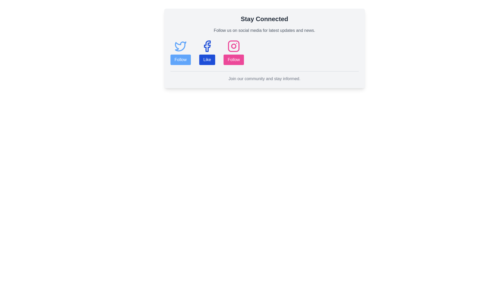  Describe the element at coordinates (207, 52) in the screenshot. I see `the blue 'Like' button featuring a Facebook logo, positioned in the center of the row of social media actions` at that location.